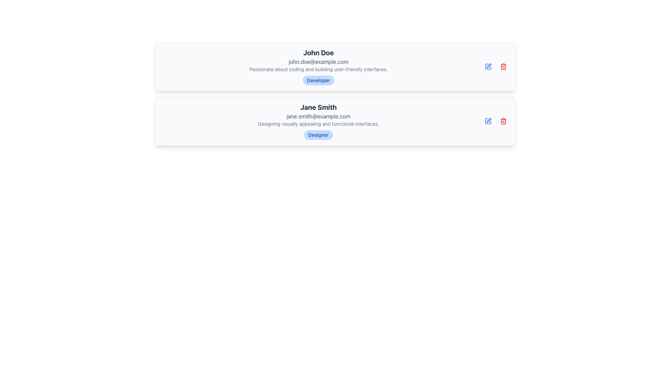  I want to click on the static text display showing the email address 'jane.smith@example.com', which is styled in light gray and is positioned below the name 'Jane Smith', so click(318, 116).